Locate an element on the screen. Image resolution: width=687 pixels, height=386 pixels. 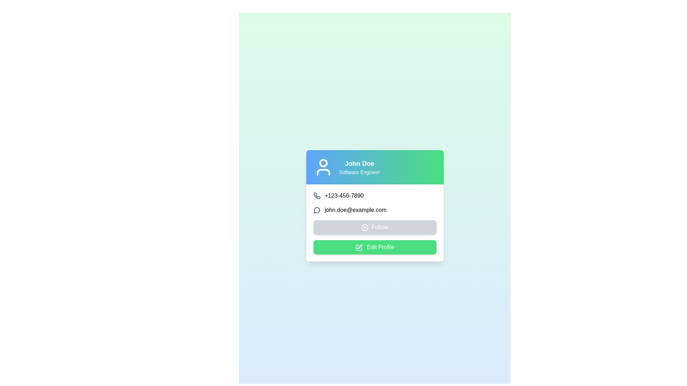
the text display showing 'John Doe' and 'Software Engineer' in the header area of the card layout, located near the upper section, to the right of the user icon is located at coordinates (360, 167).